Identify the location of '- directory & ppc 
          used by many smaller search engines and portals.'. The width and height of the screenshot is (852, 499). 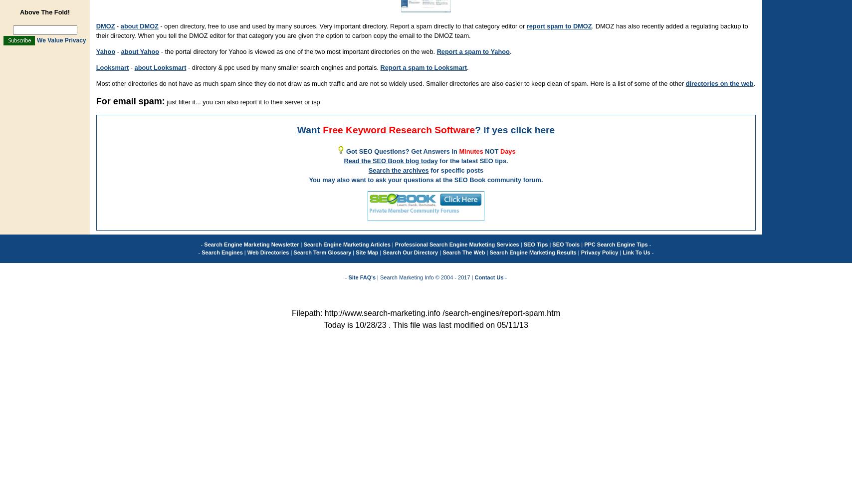
(283, 67).